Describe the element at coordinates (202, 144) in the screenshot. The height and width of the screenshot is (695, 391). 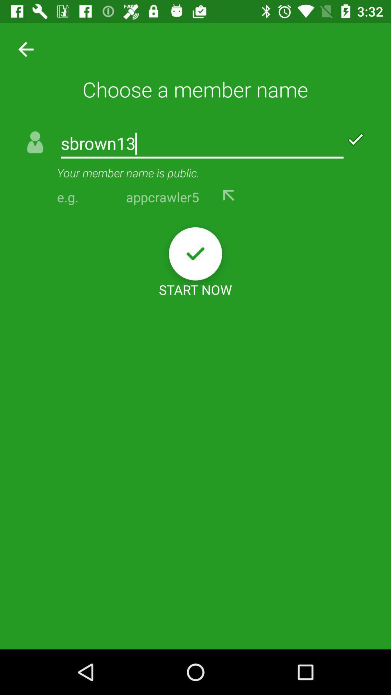
I see `icon above your member name` at that location.